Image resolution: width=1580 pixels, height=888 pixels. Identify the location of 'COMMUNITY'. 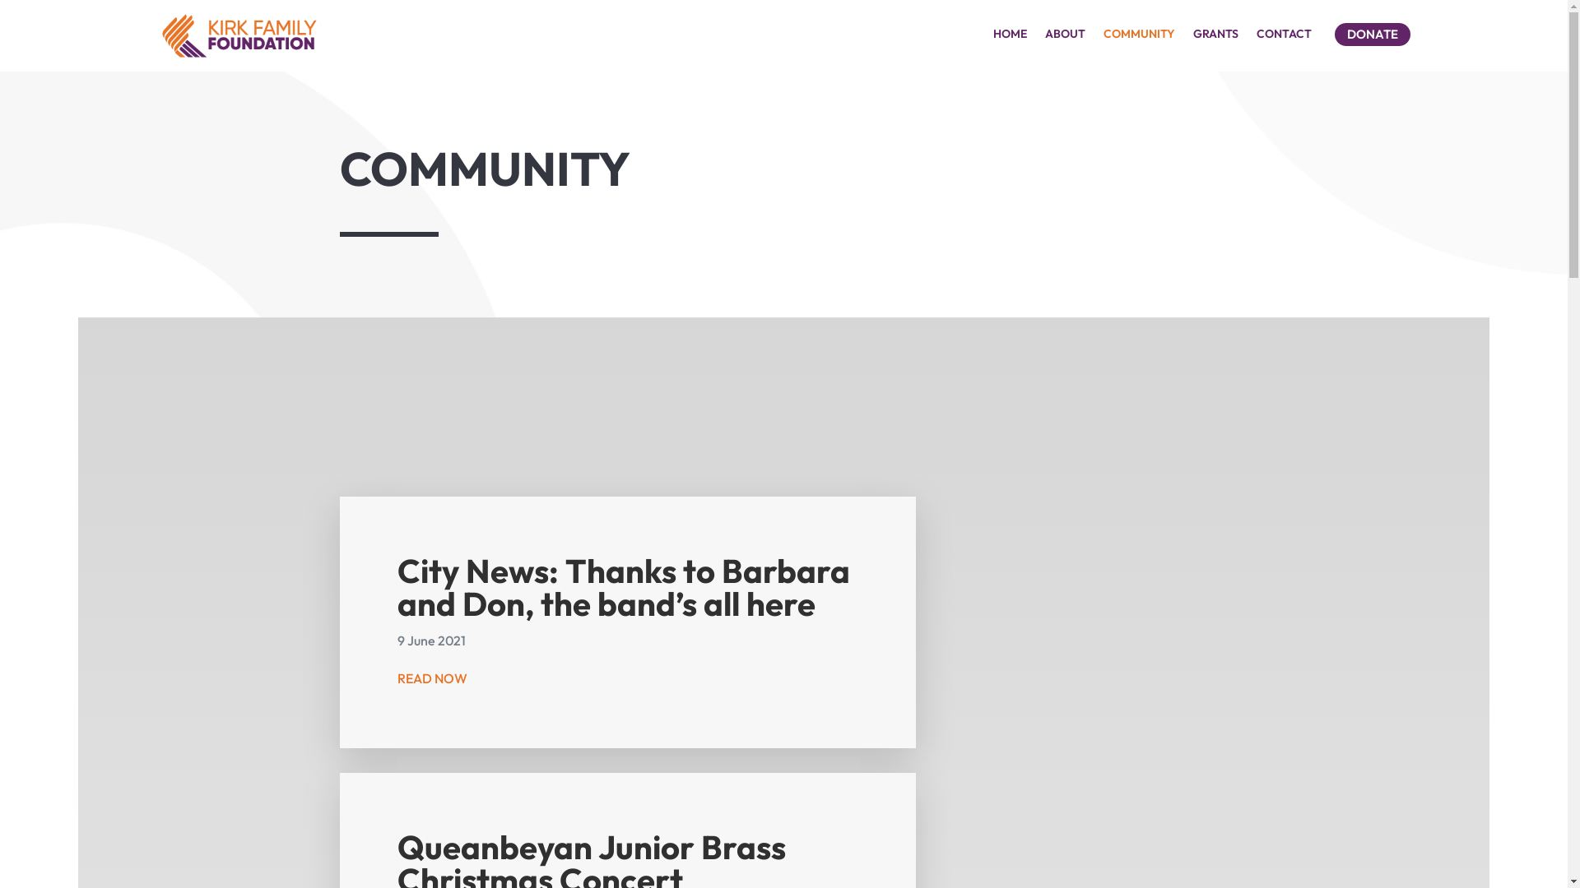
(1138, 37).